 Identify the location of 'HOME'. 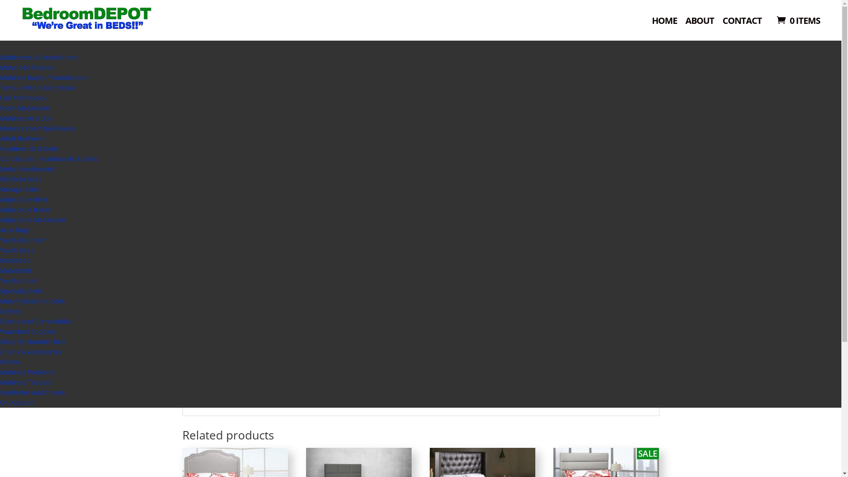
(664, 23).